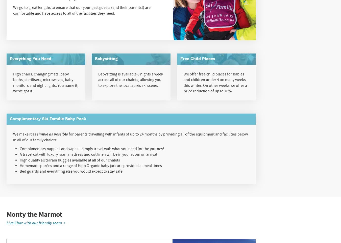 The image size is (341, 243). I want to click on 'Babysitting', so click(95, 59).